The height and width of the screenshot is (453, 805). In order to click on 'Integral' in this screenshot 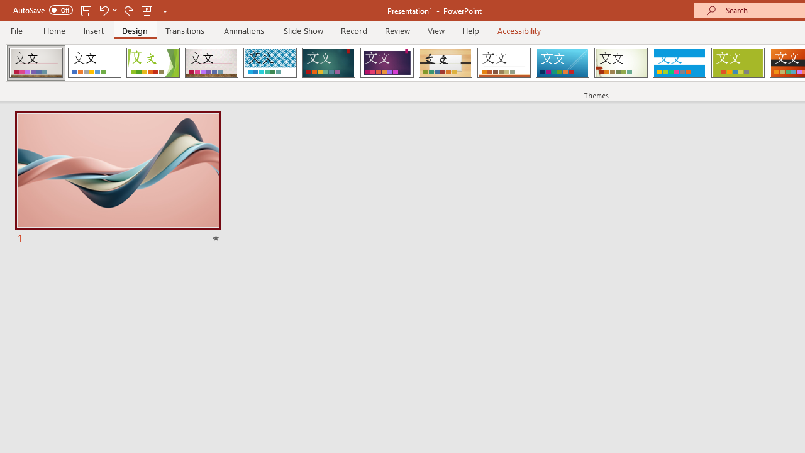, I will do `click(269, 63)`.